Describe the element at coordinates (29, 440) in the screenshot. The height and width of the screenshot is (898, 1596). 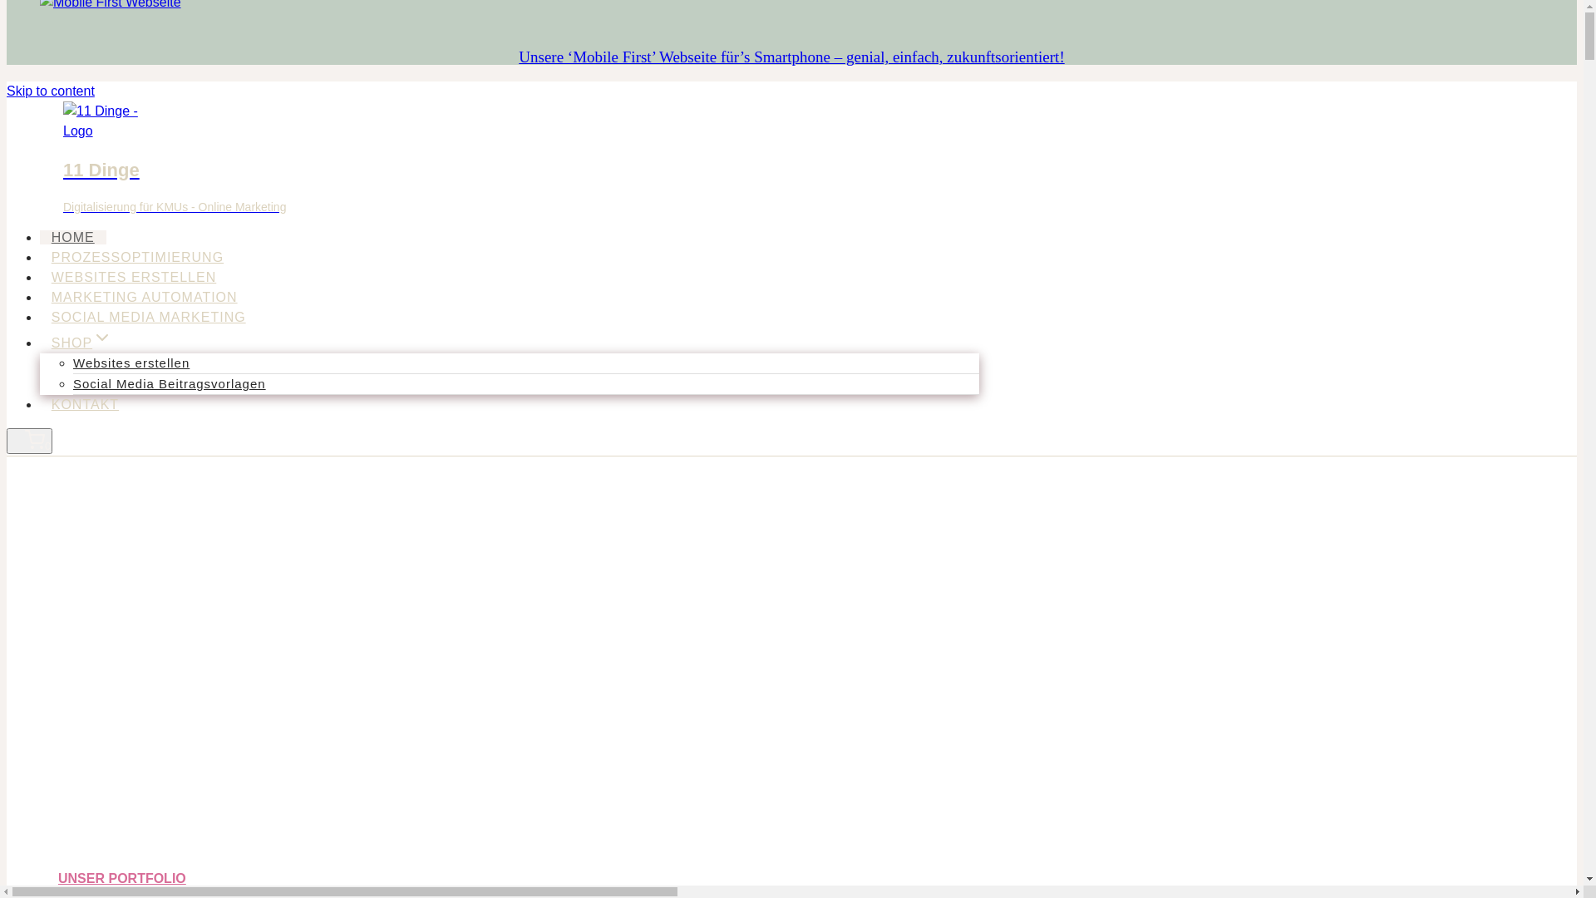
I see `'Shopping Cart 0'` at that location.